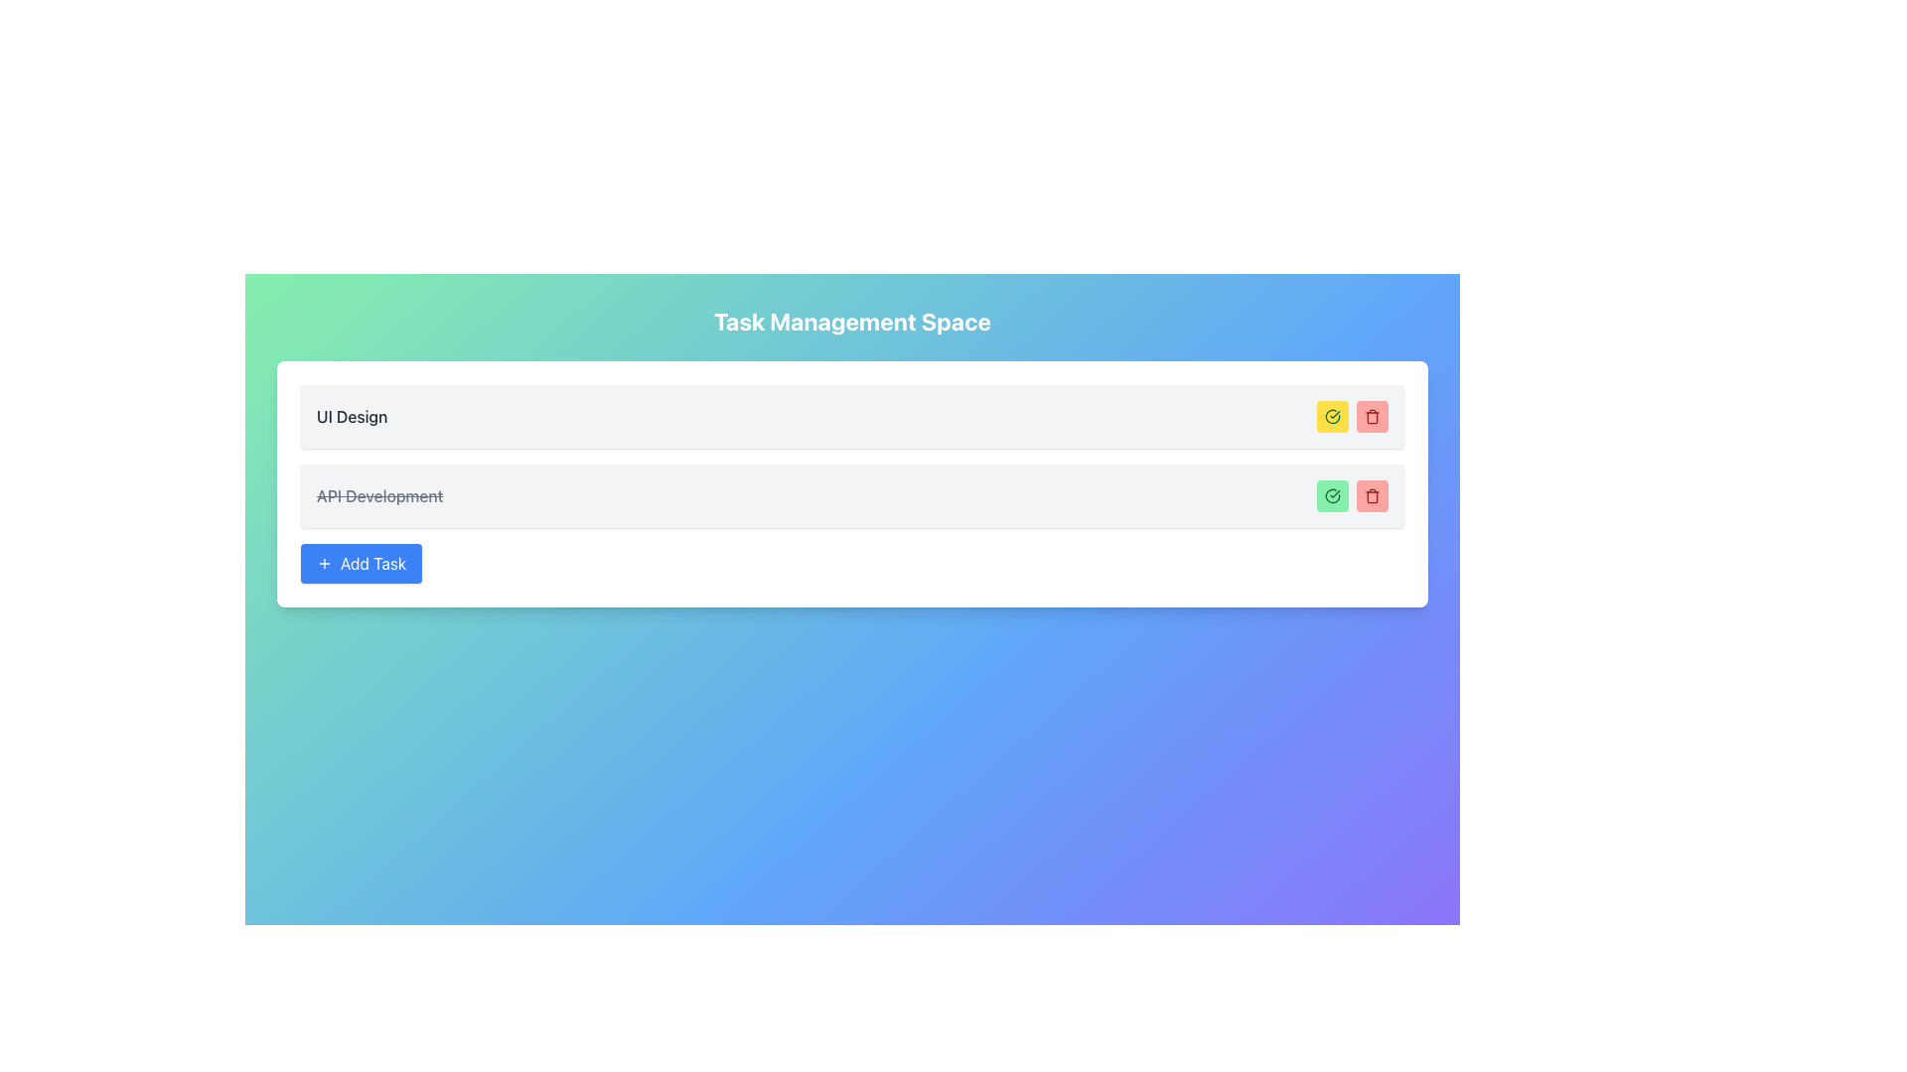  What do you see at coordinates (1352, 495) in the screenshot?
I see `the interactive buttons in the 'API Development' section, located at the far right of the lower list item` at bounding box center [1352, 495].